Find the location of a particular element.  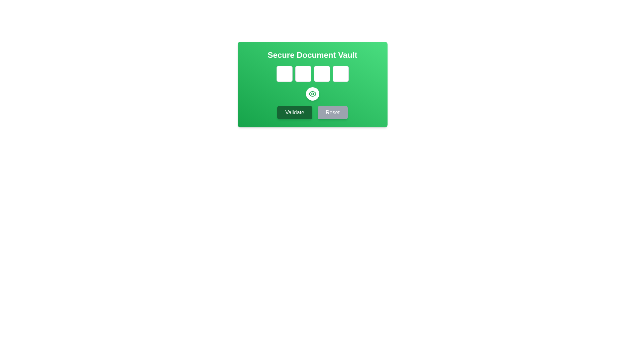

one of the four input boxes in the 'Secure Document Vault' section is located at coordinates (312, 74).